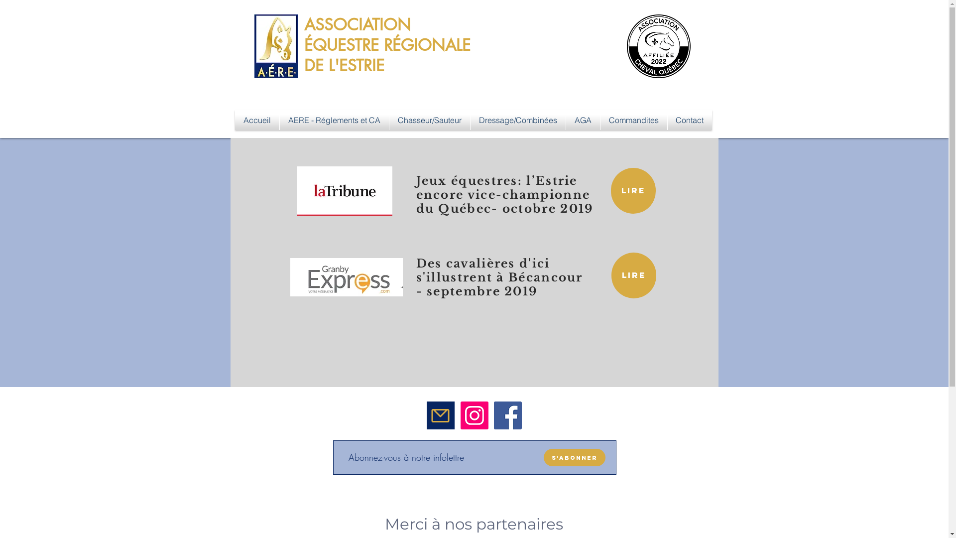 The width and height of the screenshot is (956, 538). What do you see at coordinates (633, 119) in the screenshot?
I see `'Commandites'` at bounding box center [633, 119].